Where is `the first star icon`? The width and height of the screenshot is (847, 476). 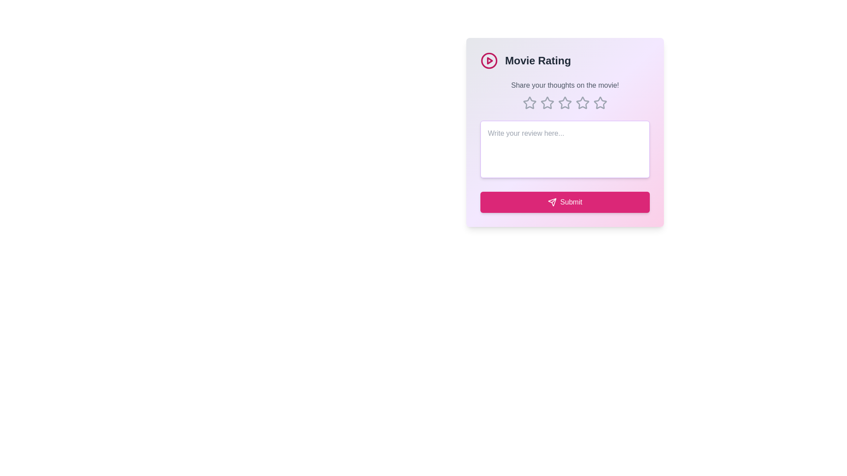 the first star icon is located at coordinates (529, 102).